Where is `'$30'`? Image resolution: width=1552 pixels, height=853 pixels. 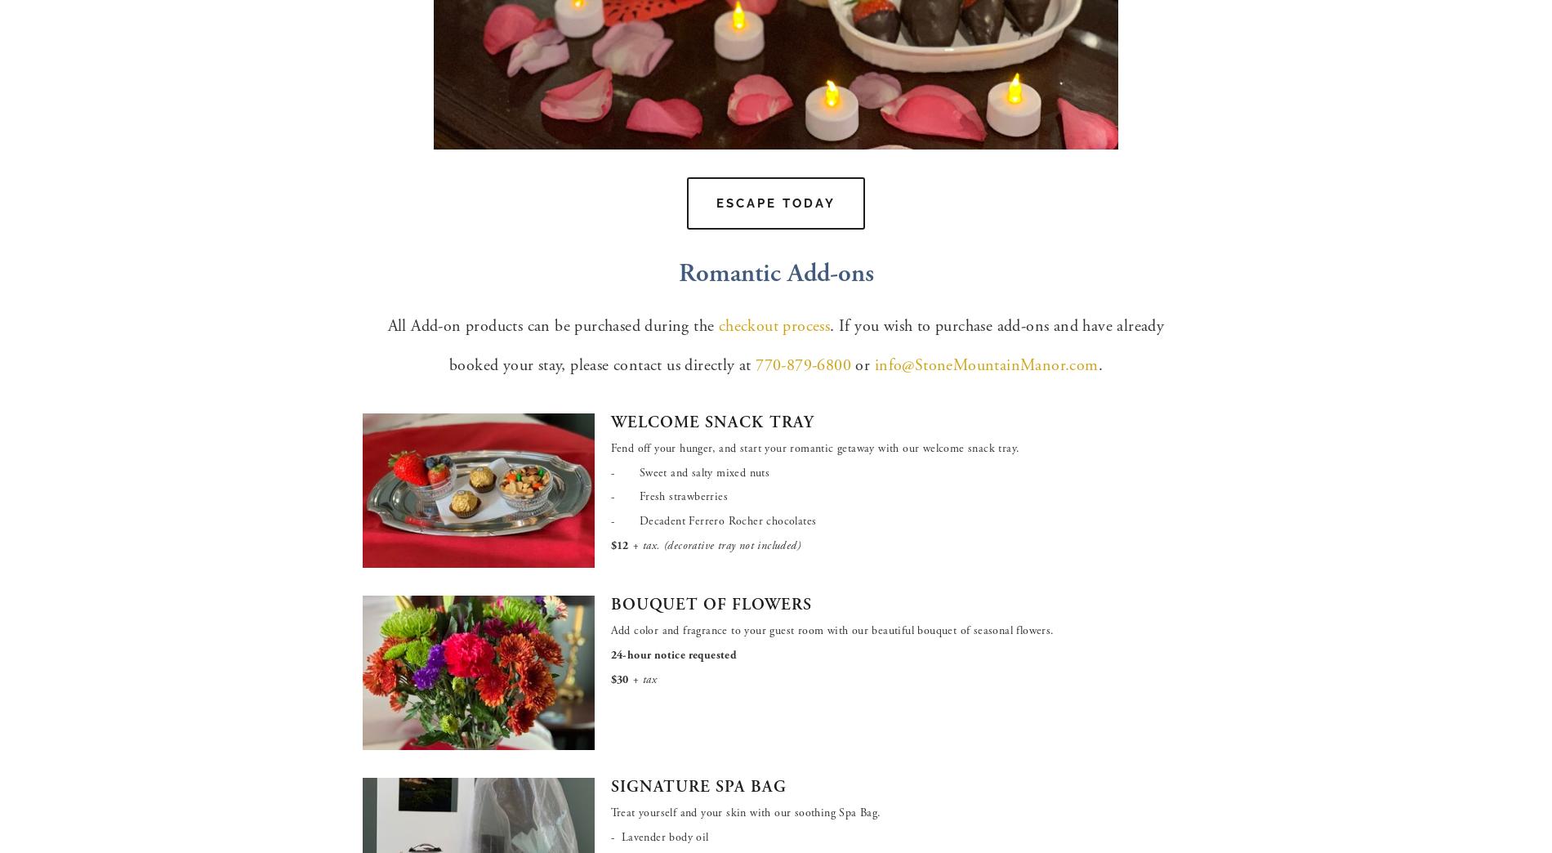 '$30' is located at coordinates (618, 678).